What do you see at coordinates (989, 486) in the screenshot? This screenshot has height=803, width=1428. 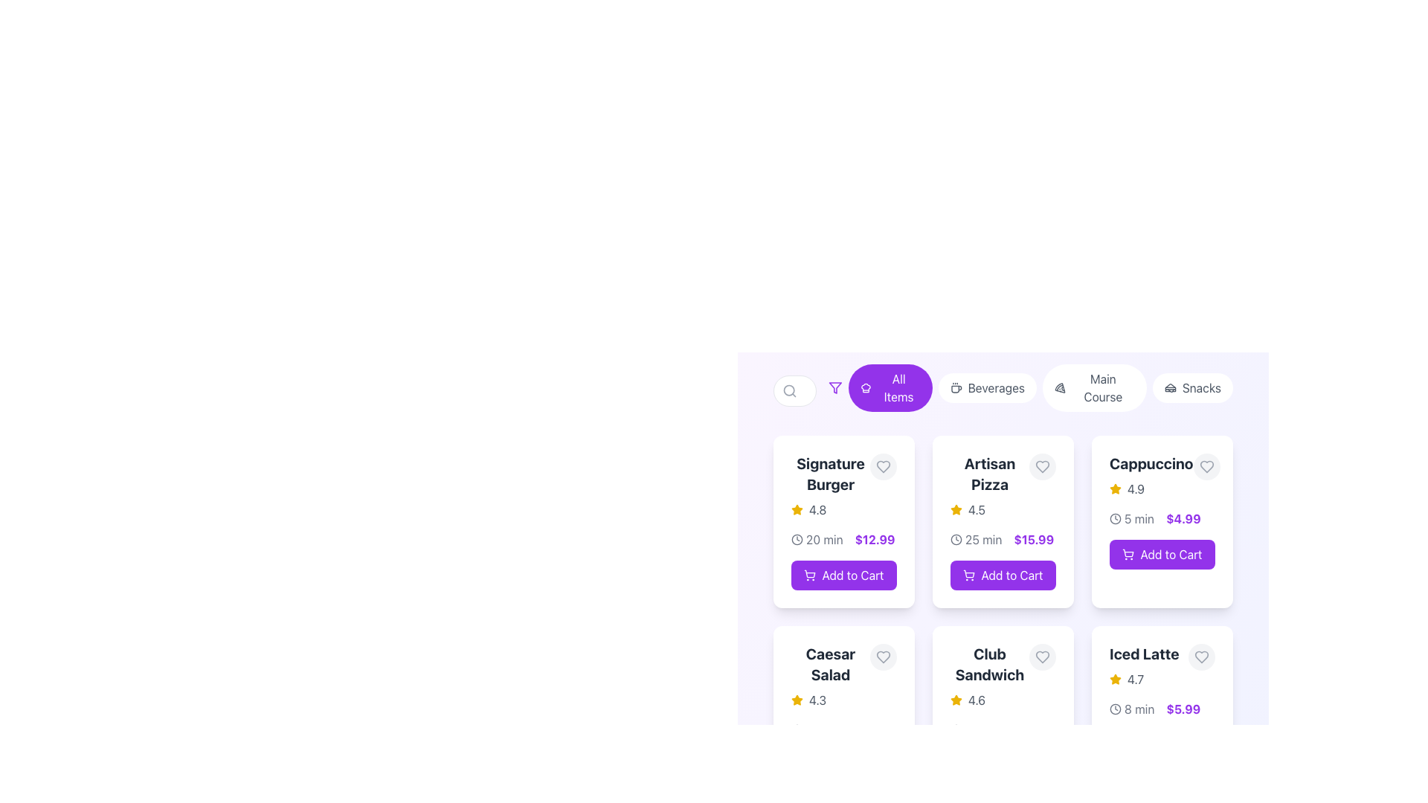 I see `the label providing the name and rating of the product 'Artisan Pizza' with a user rating of 4.5, located in the second card of the grid layout` at bounding box center [989, 486].